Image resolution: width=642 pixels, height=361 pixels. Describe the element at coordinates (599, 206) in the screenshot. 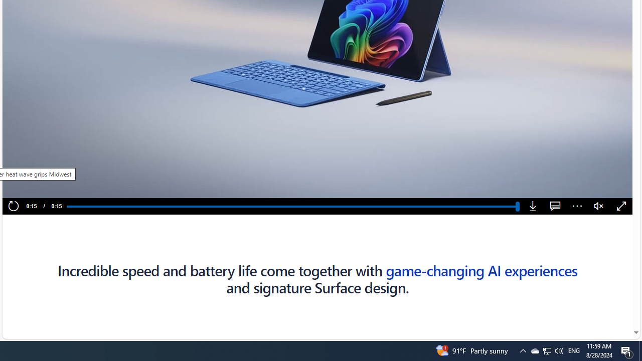

I see `'Unmute'` at that location.